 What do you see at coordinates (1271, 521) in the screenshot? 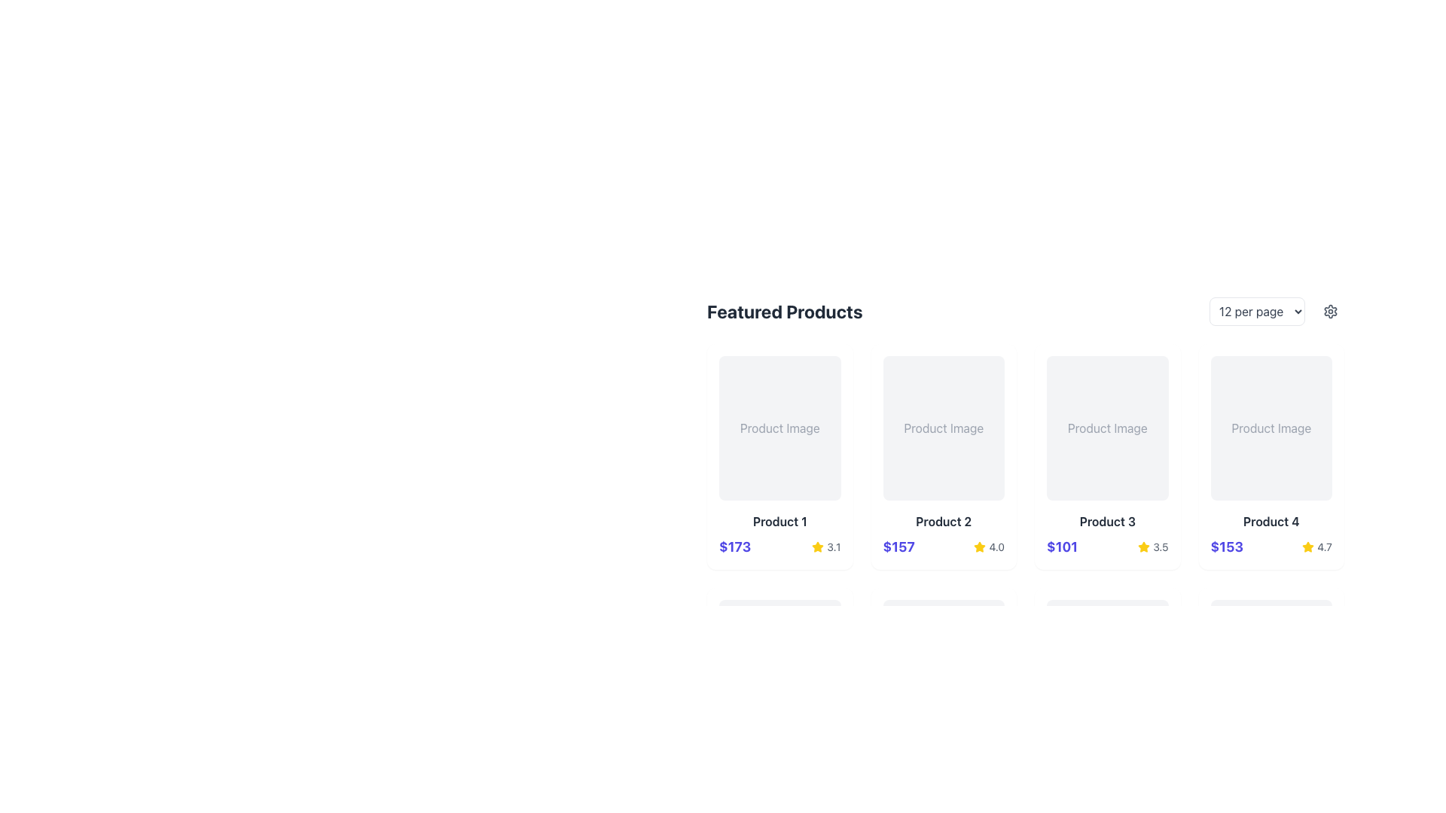
I see `text content of the title label for the fourth product, which is located at the bottom section of the product card, right below the product image and above the price '$153' and rating '4.7'` at bounding box center [1271, 521].